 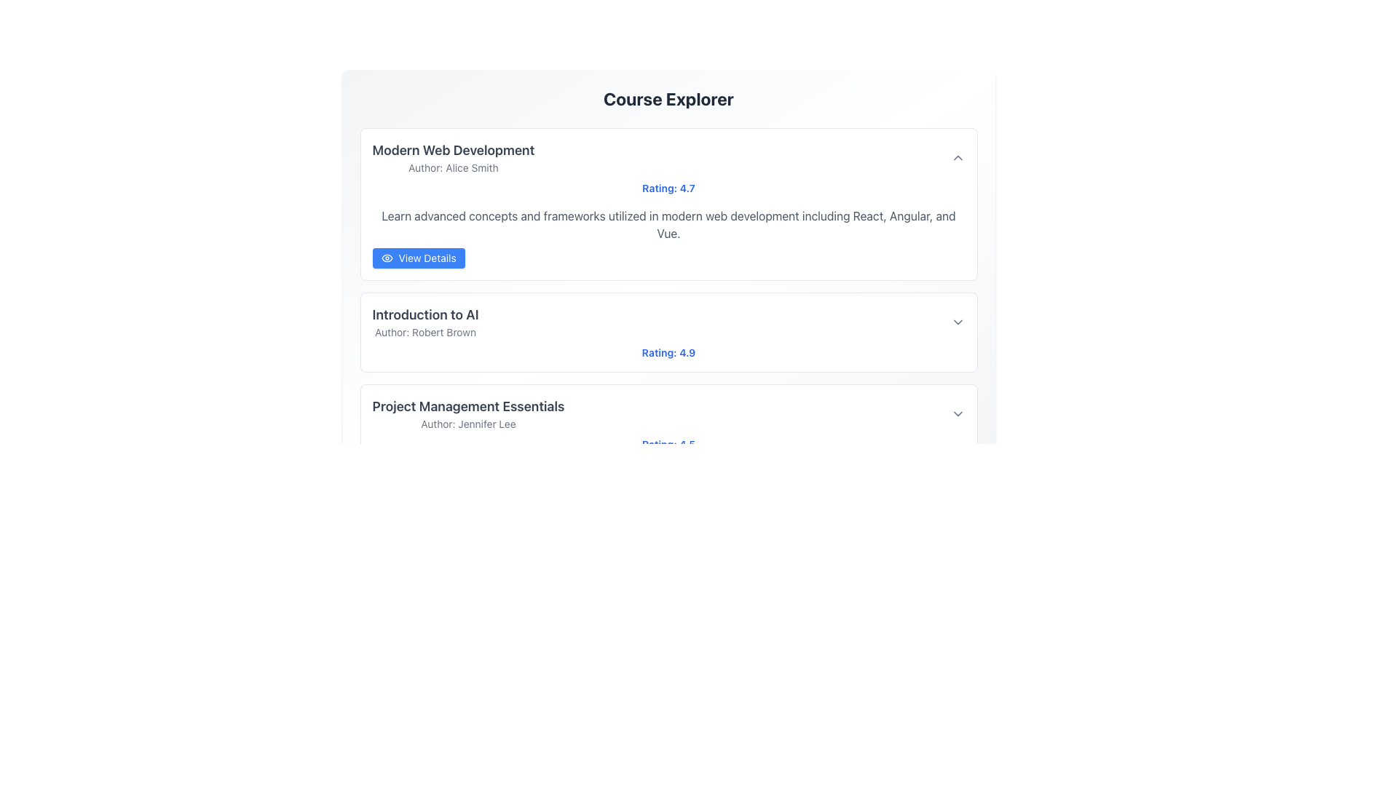 I want to click on the textual description providing an overview of the advanced concepts and frameworks covered in the modern web development course to read it more clearly, so click(x=668, y=237).